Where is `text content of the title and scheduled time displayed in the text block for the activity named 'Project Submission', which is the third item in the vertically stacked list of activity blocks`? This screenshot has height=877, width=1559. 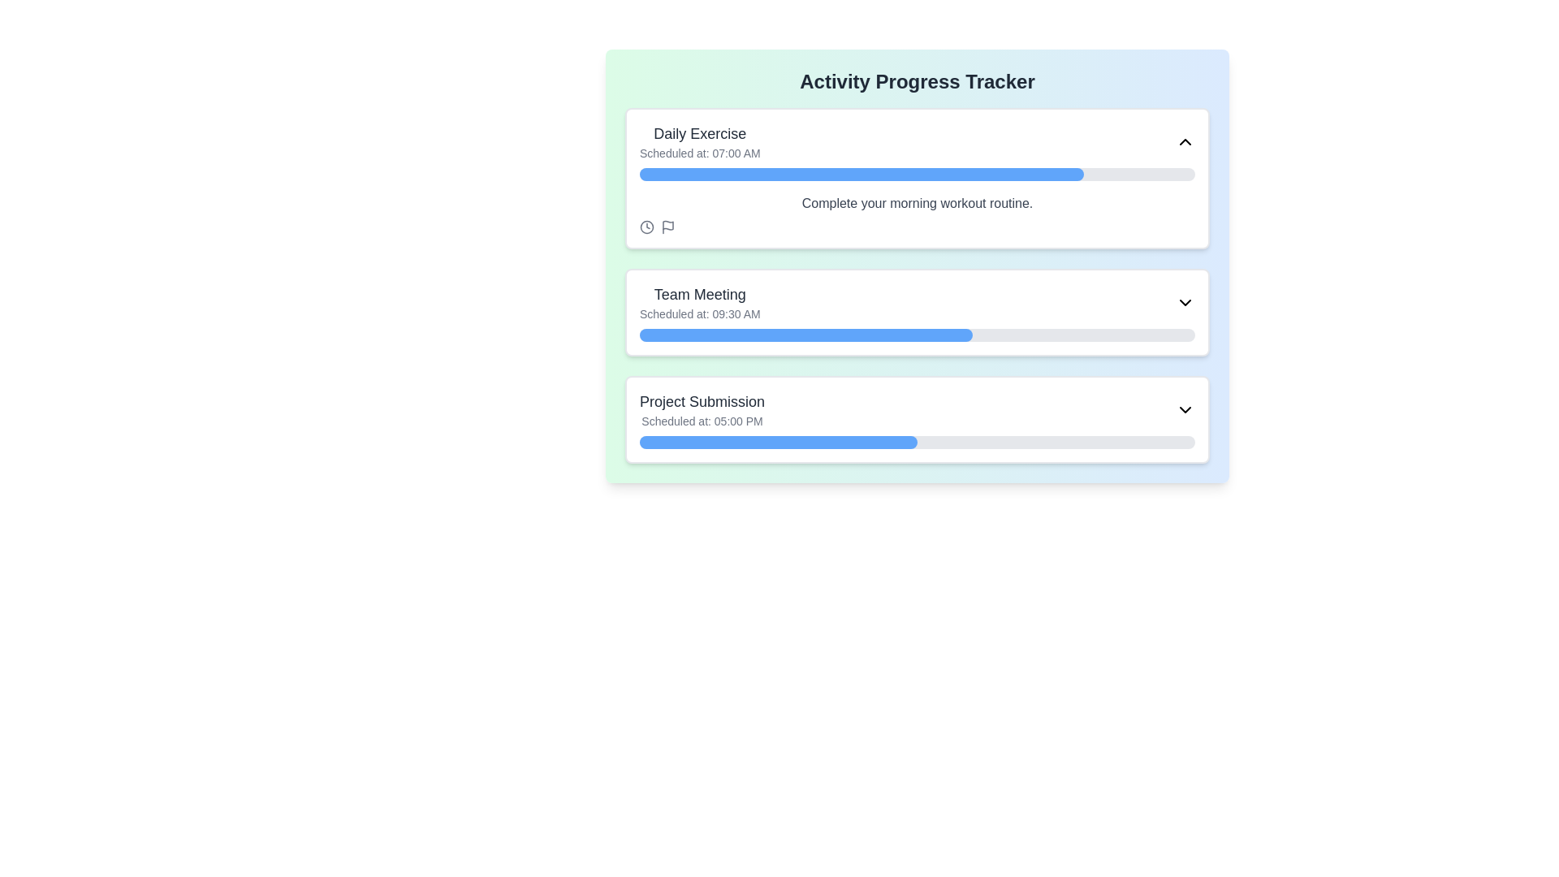 text content of the title and scheduled time displayed in the text block for the activity named 'Project Submission', which is the third item in the vertically stacked list of activity blocks is located at coordinates (702, 409).